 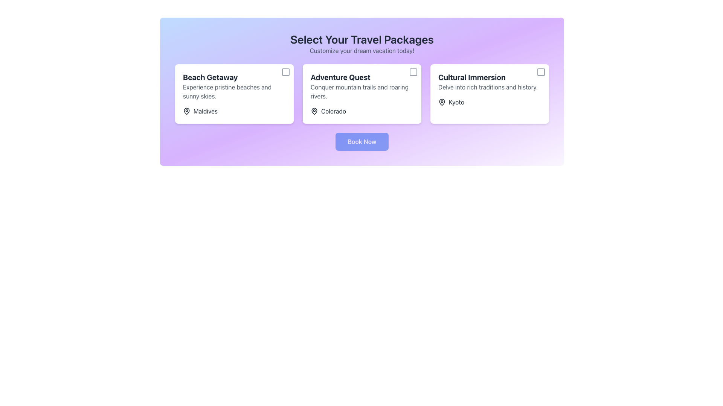 I want to click on the rightmost travel package card in the grid layout that provides information about a cultural experience in Kyoto, so click(x=490, y=94).